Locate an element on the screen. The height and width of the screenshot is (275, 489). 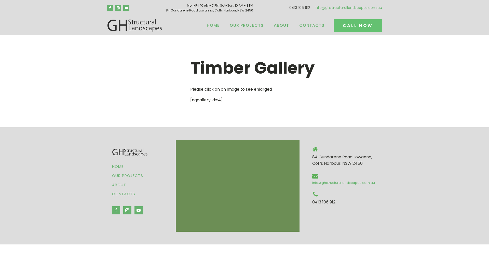
'OUR PROJECTS' is located at coordinates (127, 175).